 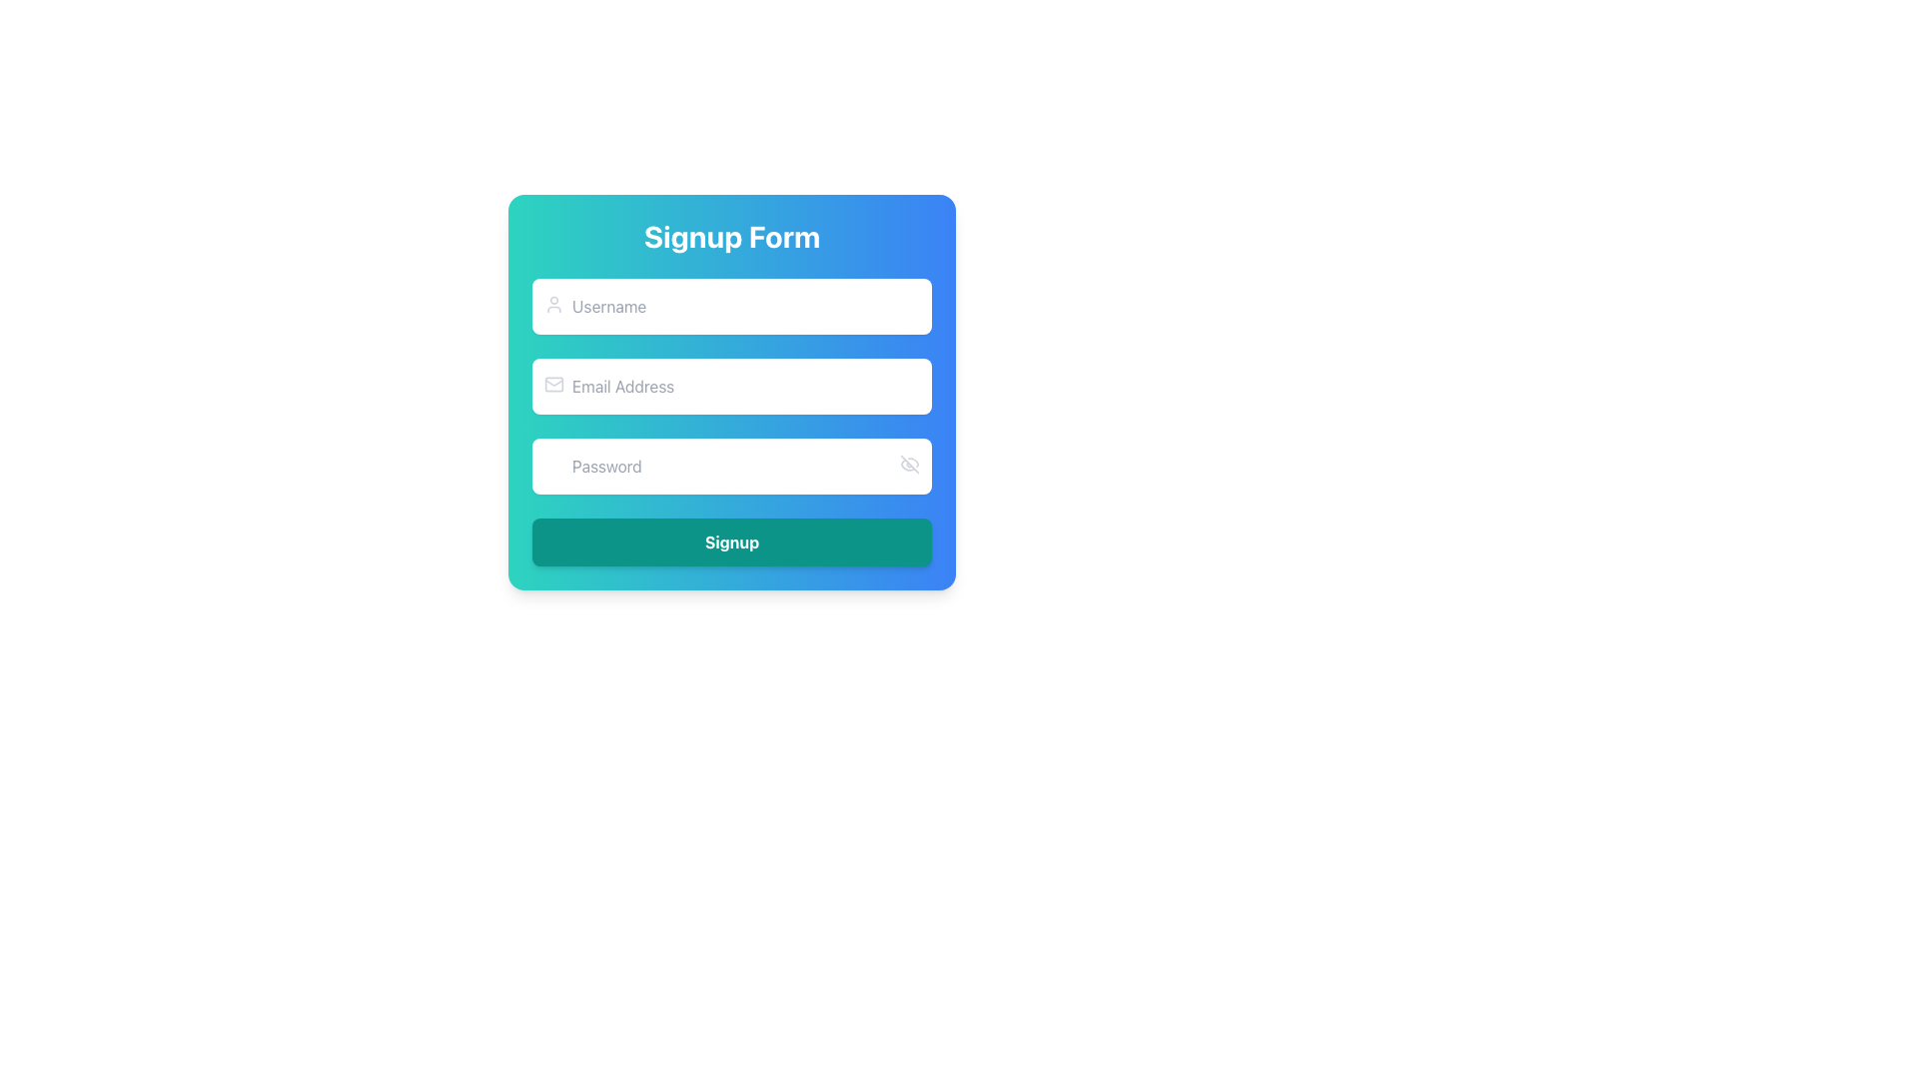 I want to click on the button located at the top-right corner of the password input field, so click(x=909, y=465).